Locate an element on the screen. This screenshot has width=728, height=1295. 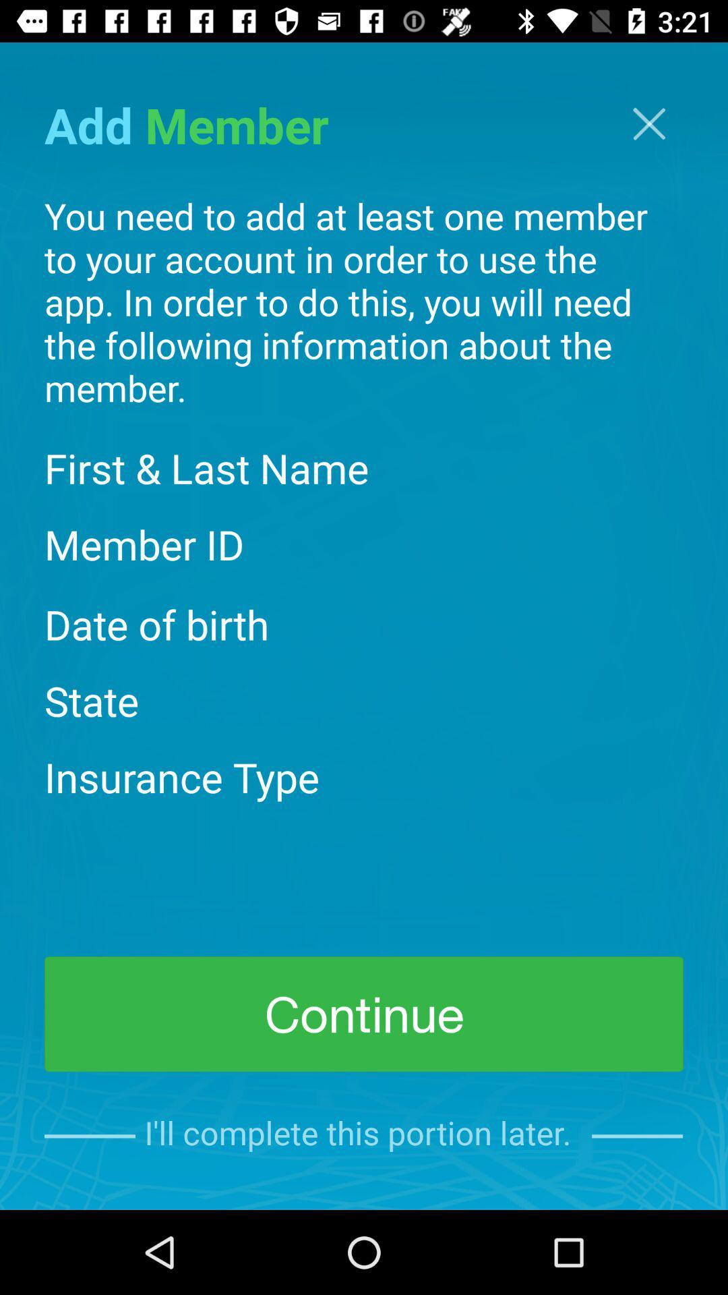
exit is located at coordinates (648, 123).